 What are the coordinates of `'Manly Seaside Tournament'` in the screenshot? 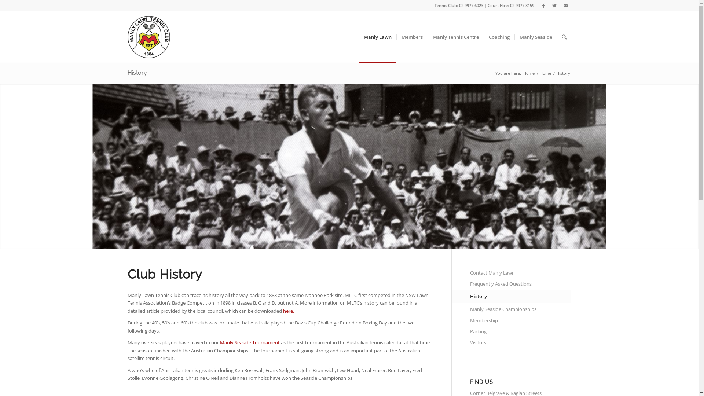 It's located at (250, 342).